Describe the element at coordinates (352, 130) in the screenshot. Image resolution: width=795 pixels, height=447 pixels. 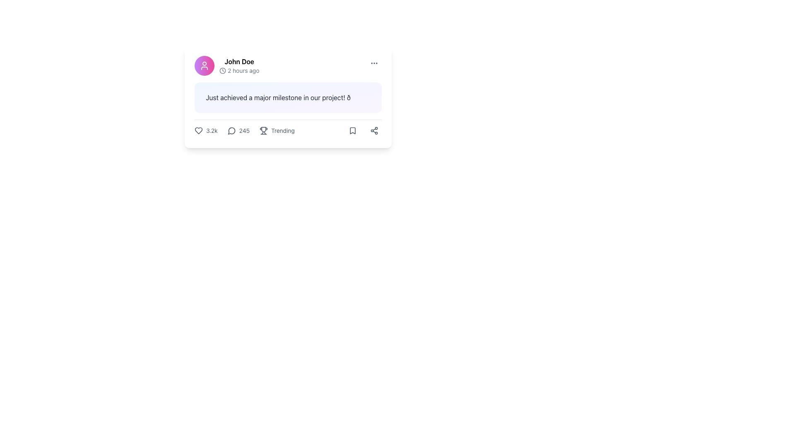
I see `the bookmark icon located in the lower-right side of the post interface` at that location.